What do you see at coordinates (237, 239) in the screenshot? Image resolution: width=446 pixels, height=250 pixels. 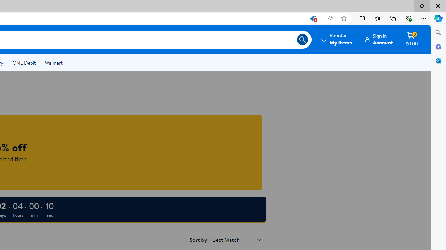 I see `'Sort by Best Match'` at bounding box center [237, 239].